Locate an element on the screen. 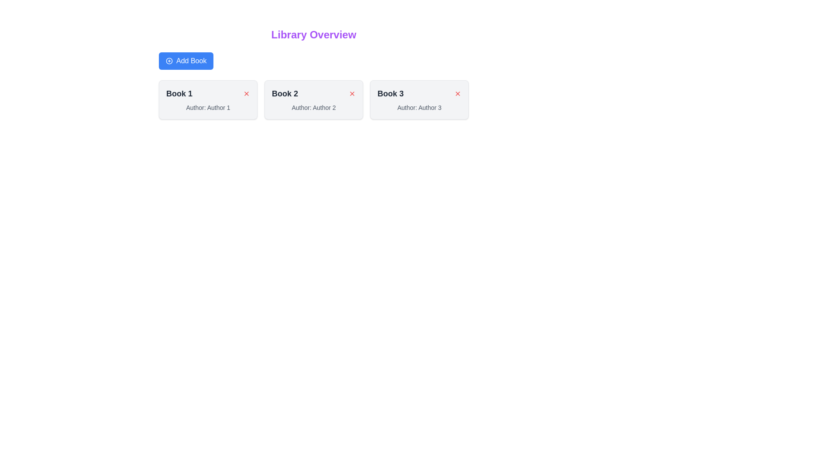  the button located in the top-right corner of the 'Book 2' card is located at coordinates (352, 94).